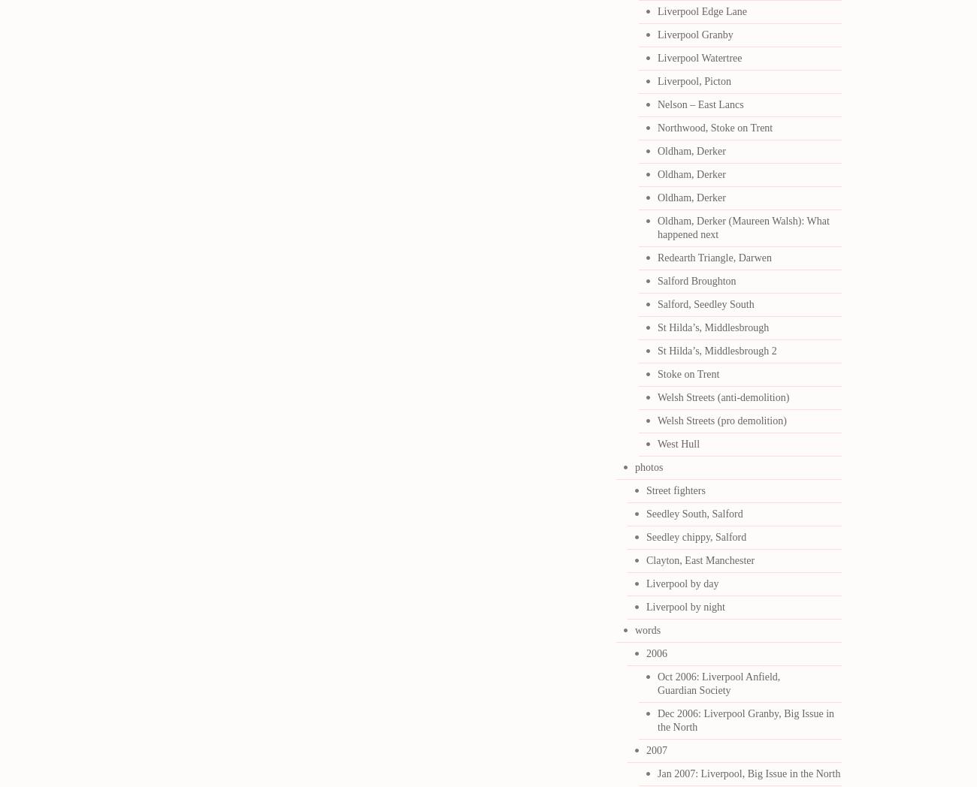 Image resolution: width=977 pixels, height=787 pixels. Describe the element at coordinates (655, 749) in the screenshot. I see `'2007'` at that location.